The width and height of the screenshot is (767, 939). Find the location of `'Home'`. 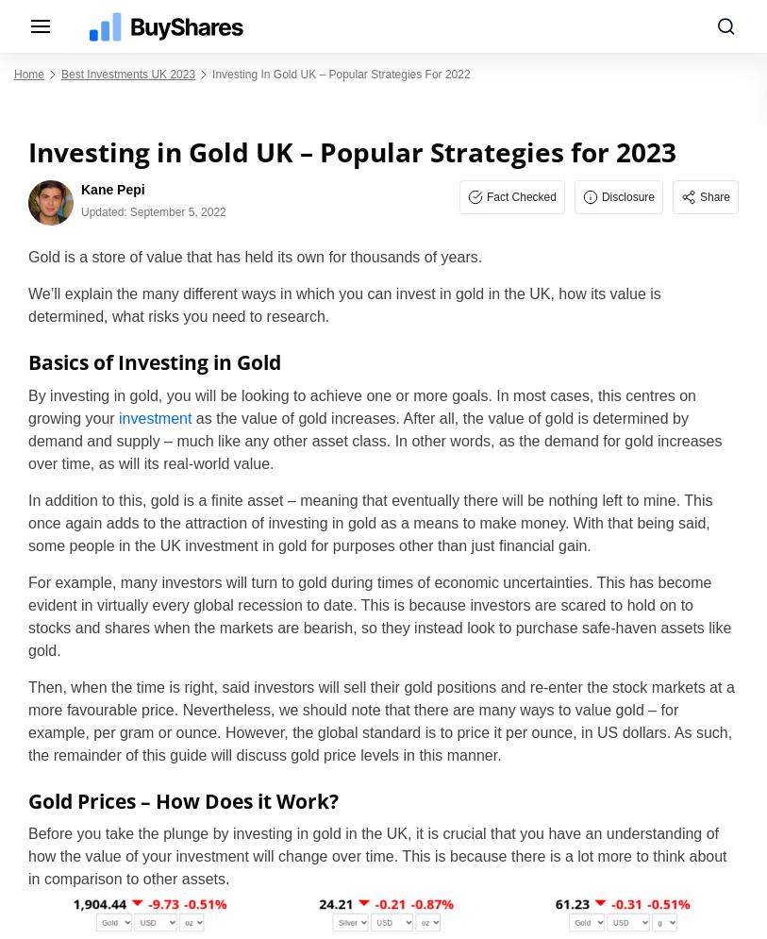

'Home' is located at coordinates (27, 75).